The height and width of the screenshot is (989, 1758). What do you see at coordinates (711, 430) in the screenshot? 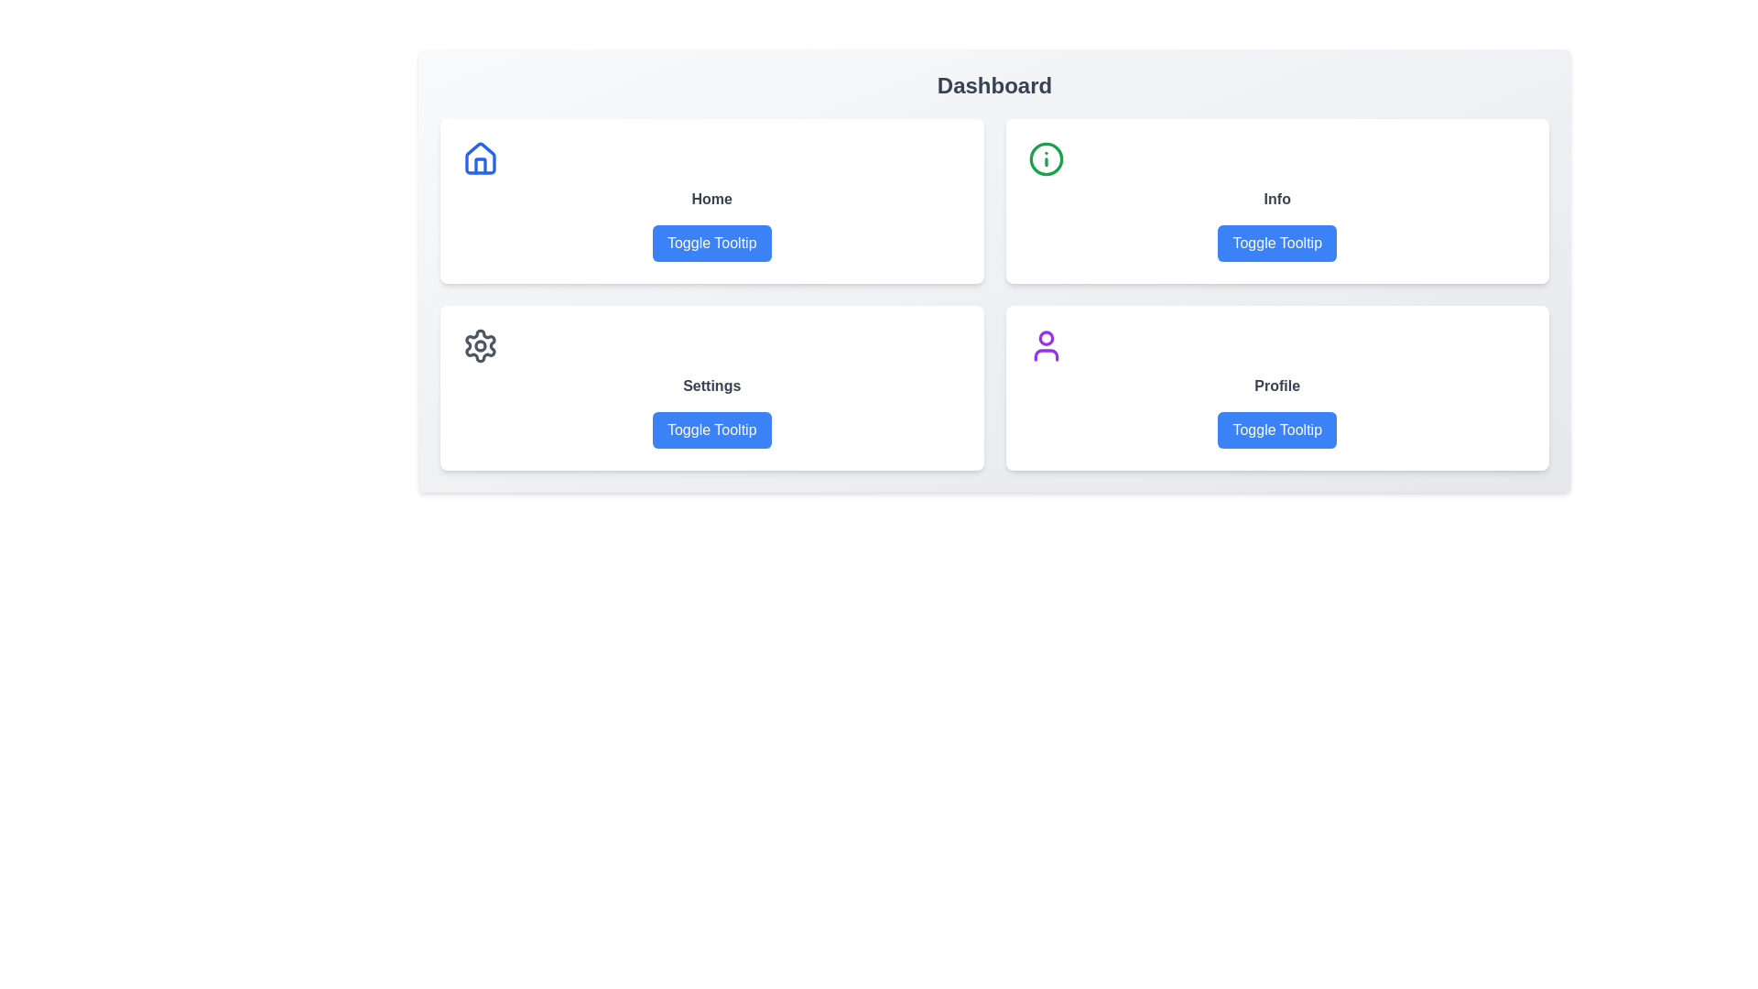
I see `the button located in the bottom left card of the 2x2 grid layout, below the 'Settings' heading` at bounding box center [711, 430].